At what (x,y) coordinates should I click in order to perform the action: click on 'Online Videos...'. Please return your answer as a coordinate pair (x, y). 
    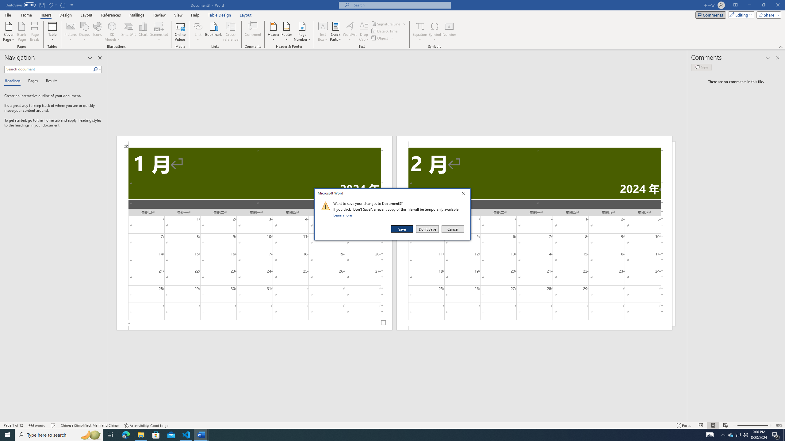
    Looking at the image, I should click on (180, 32).